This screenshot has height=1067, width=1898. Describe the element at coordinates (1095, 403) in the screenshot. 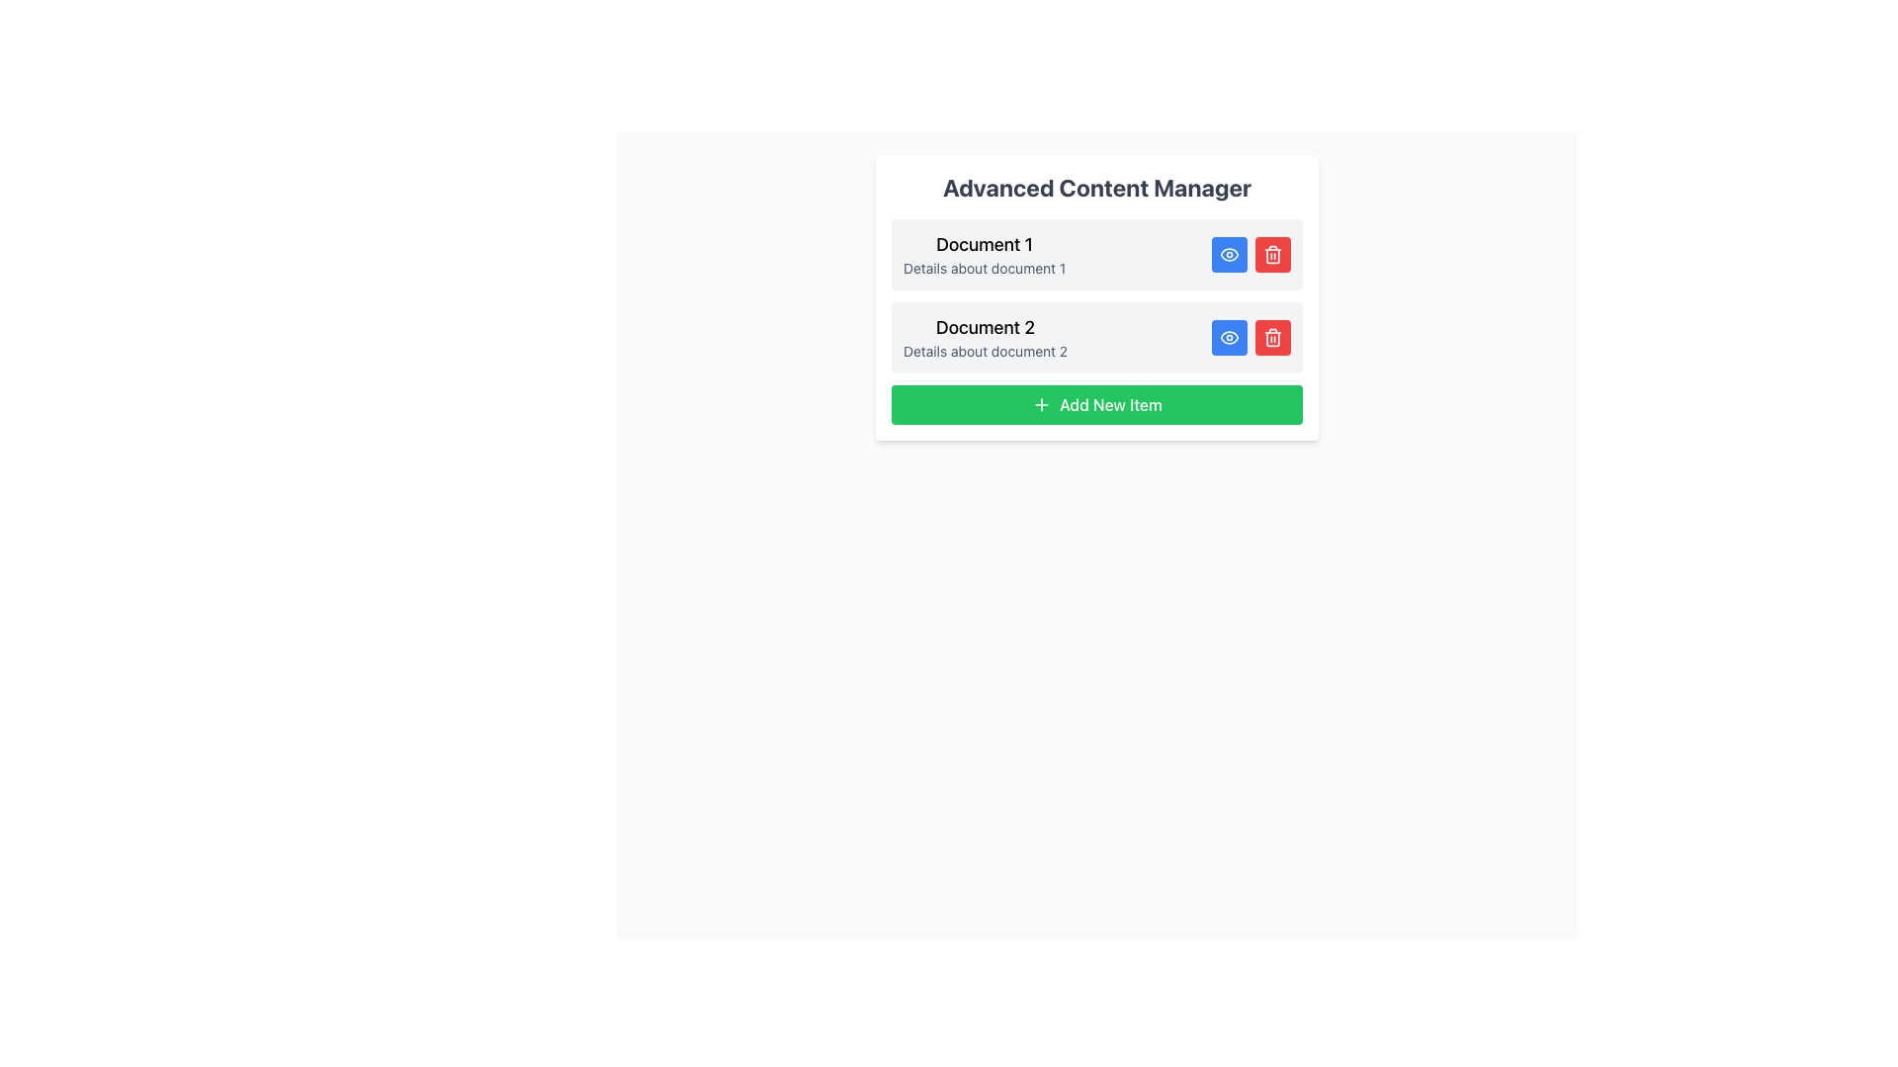

I see `the 'Add New Item' button located at the bottom of the 'Advanced Content Manager' card by` at that location.